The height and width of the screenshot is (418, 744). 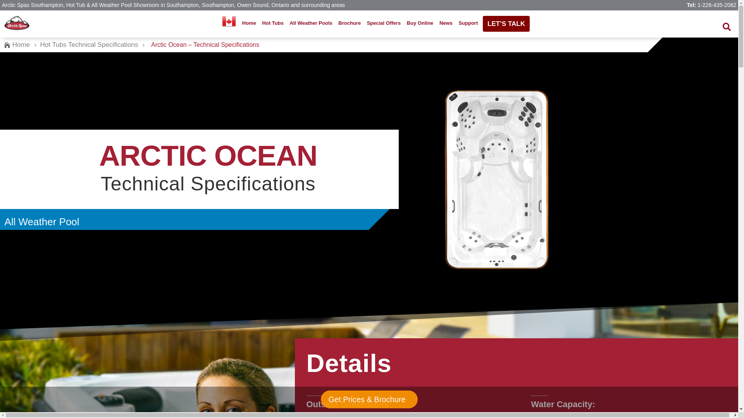 What do you see at coordinates (716, 5) in the screenshot?
I see `'1-226-435-2082'` at bounding box center [716, 5].